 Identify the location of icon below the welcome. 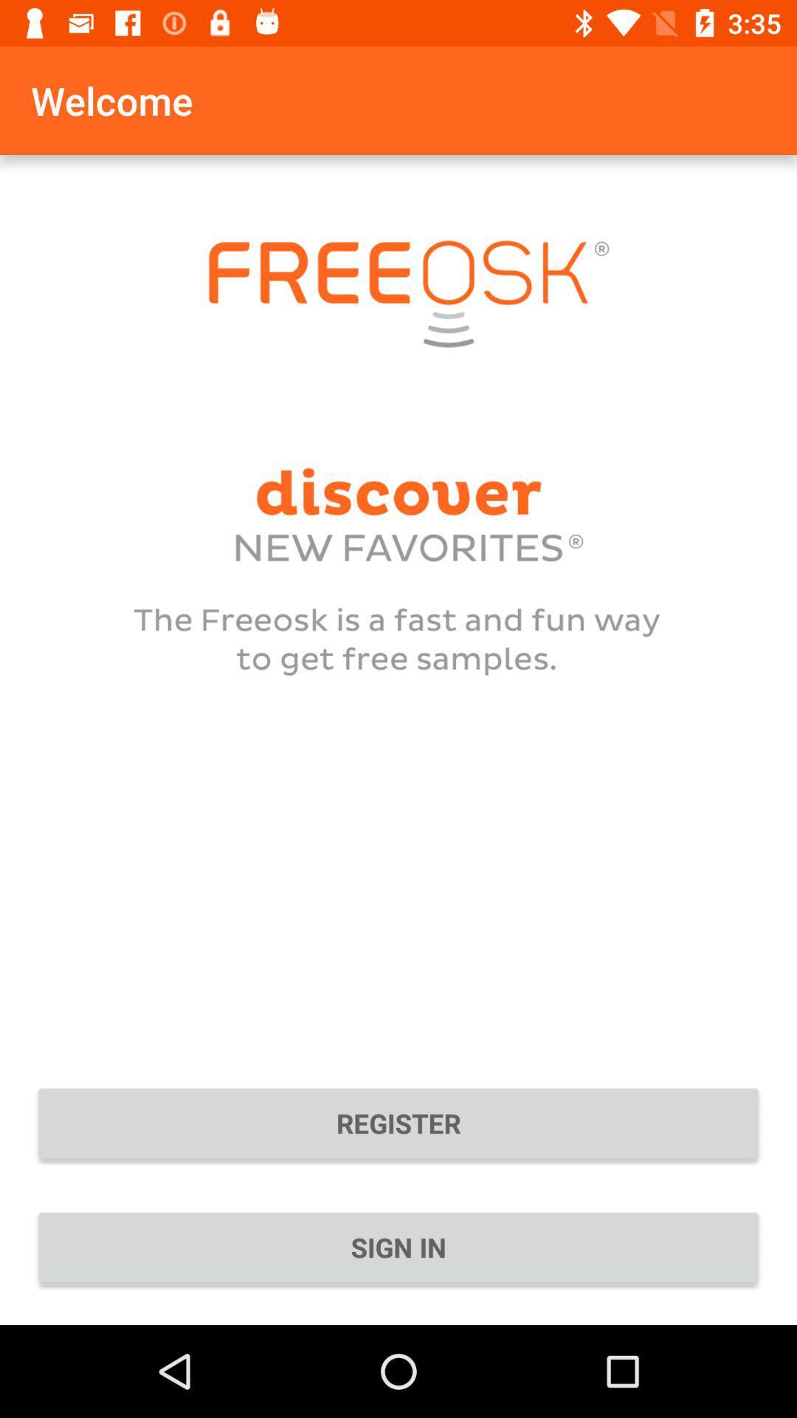
(398, 1123).